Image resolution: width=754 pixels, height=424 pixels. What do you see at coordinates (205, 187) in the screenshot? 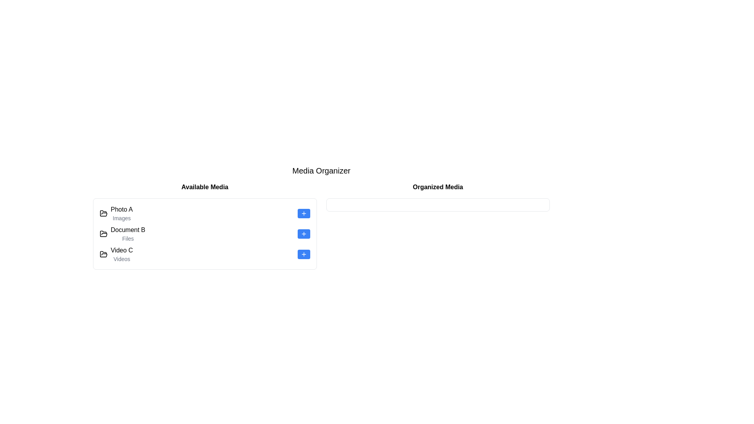
I see `the Text Label that serves as a heading for the media files section, located under 'Media Organizer' and above the list of items such as 'Photo A,' 'Document B,' and 'Video C.'` at bounding box center [205, 187].